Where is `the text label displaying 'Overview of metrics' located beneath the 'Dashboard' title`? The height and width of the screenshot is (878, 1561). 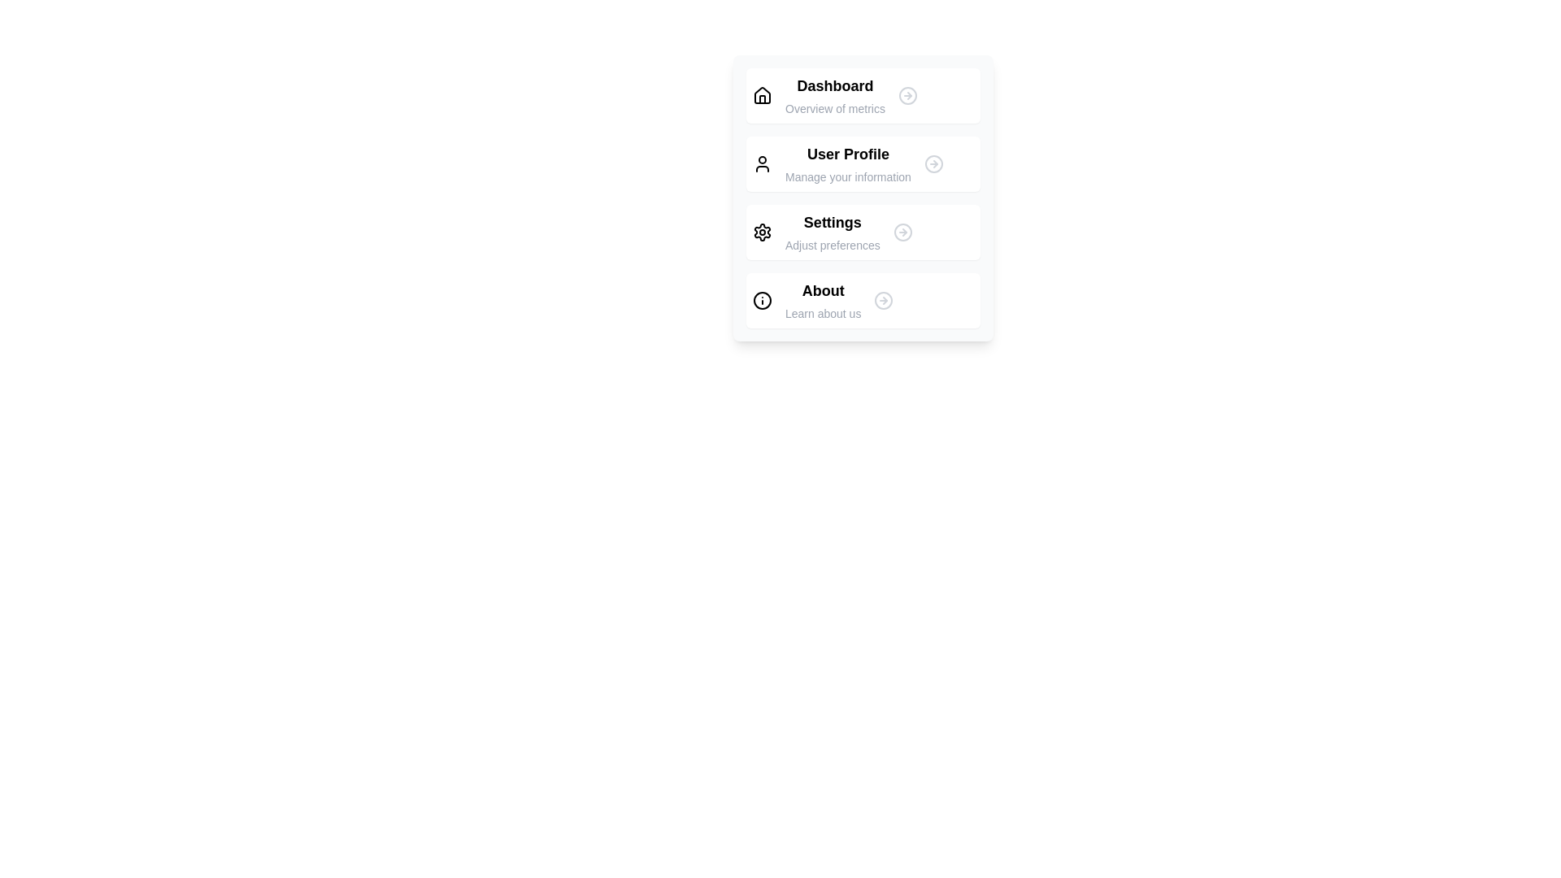 the text label displaying 'Overview of metrics' located beneath the 'Dashboard' title is located at coordinates (835, 109).